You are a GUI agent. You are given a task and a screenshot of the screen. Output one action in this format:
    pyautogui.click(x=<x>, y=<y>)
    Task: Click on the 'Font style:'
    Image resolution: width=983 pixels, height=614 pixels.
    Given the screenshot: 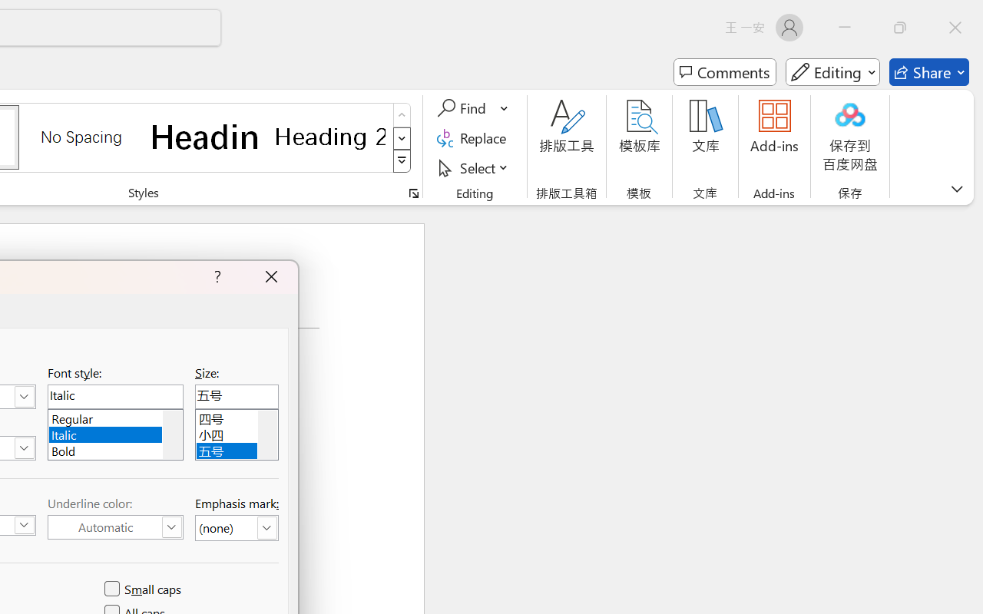 What is the action you would take?
    pyautogui.click(x=114, y=395)
    